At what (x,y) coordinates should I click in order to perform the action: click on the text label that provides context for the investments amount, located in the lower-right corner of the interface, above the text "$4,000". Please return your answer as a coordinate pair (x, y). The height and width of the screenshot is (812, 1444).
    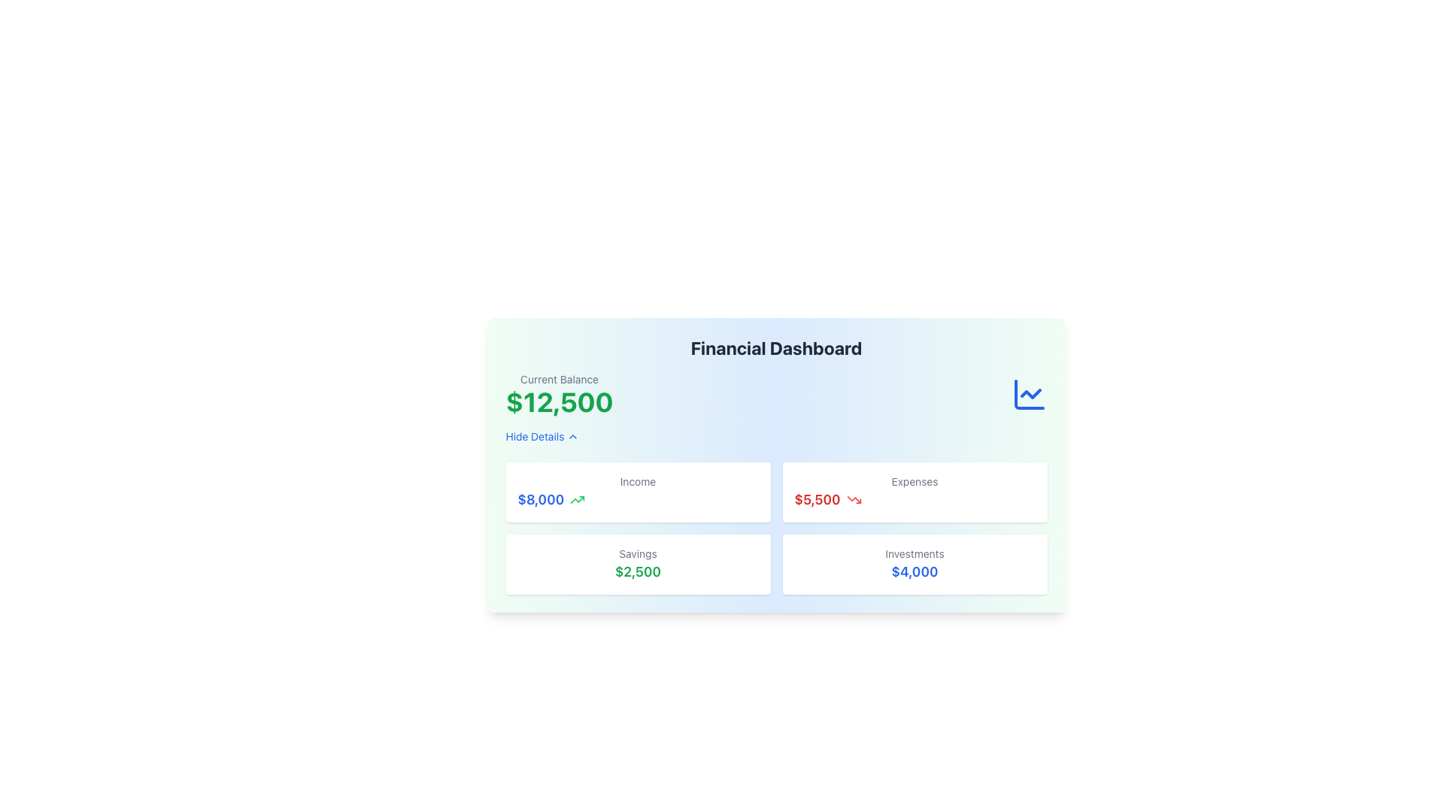
    Looking at the image, I should click on (914, 553).